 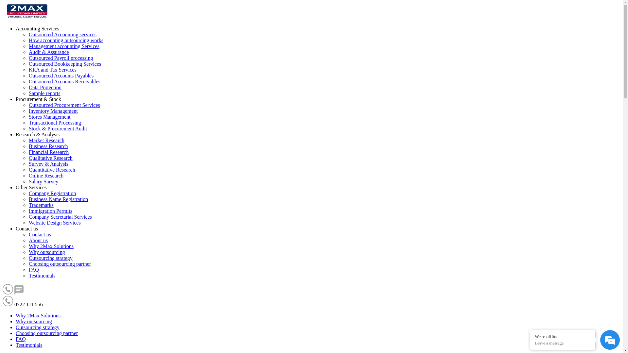 What do you see at coordinates (33, 321) in the screenshot?
I see `'Why outsourcing'` at bounding box center [33, 321].